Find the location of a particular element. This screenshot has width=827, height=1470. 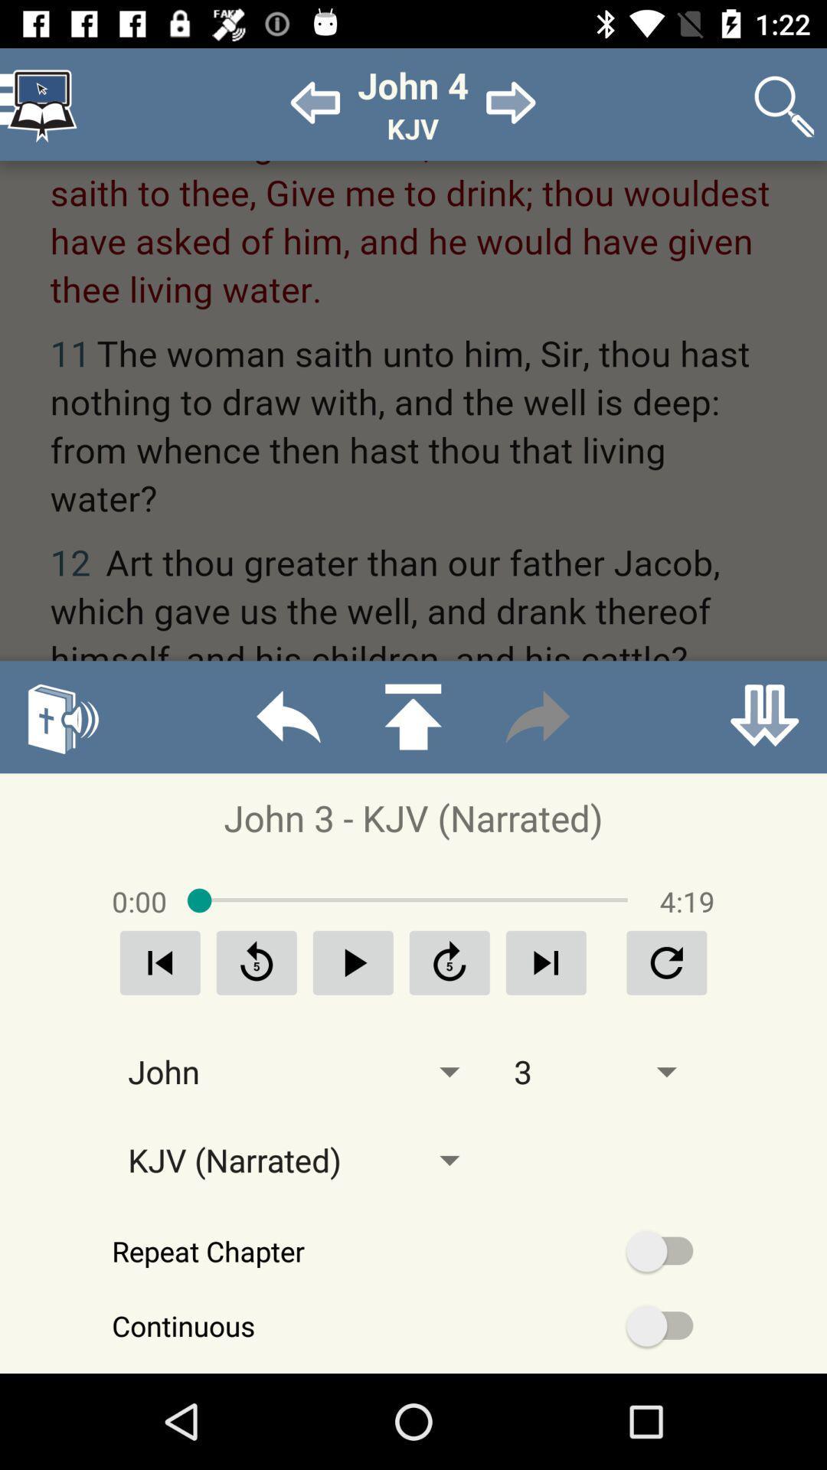

rewind 5 second is located at coordinates (256, 962).